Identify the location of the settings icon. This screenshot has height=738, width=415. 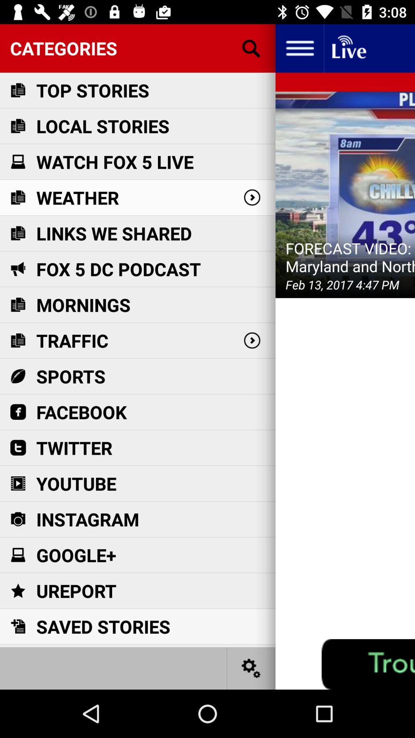
(251, 668).